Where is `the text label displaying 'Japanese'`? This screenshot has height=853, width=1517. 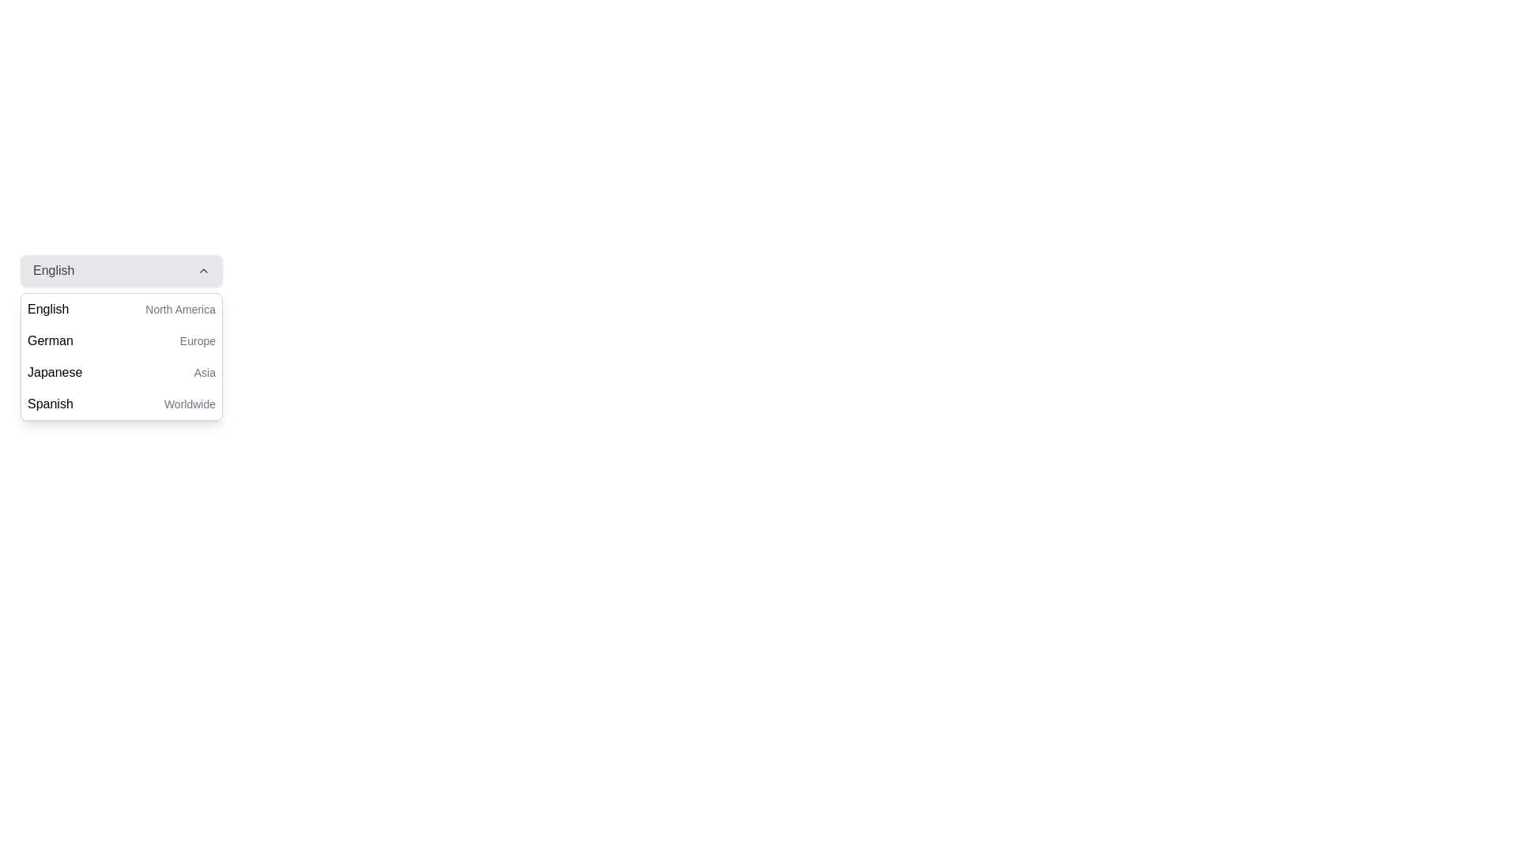
the text label displaying 'Japanese' is located at coordinates (55, 372).